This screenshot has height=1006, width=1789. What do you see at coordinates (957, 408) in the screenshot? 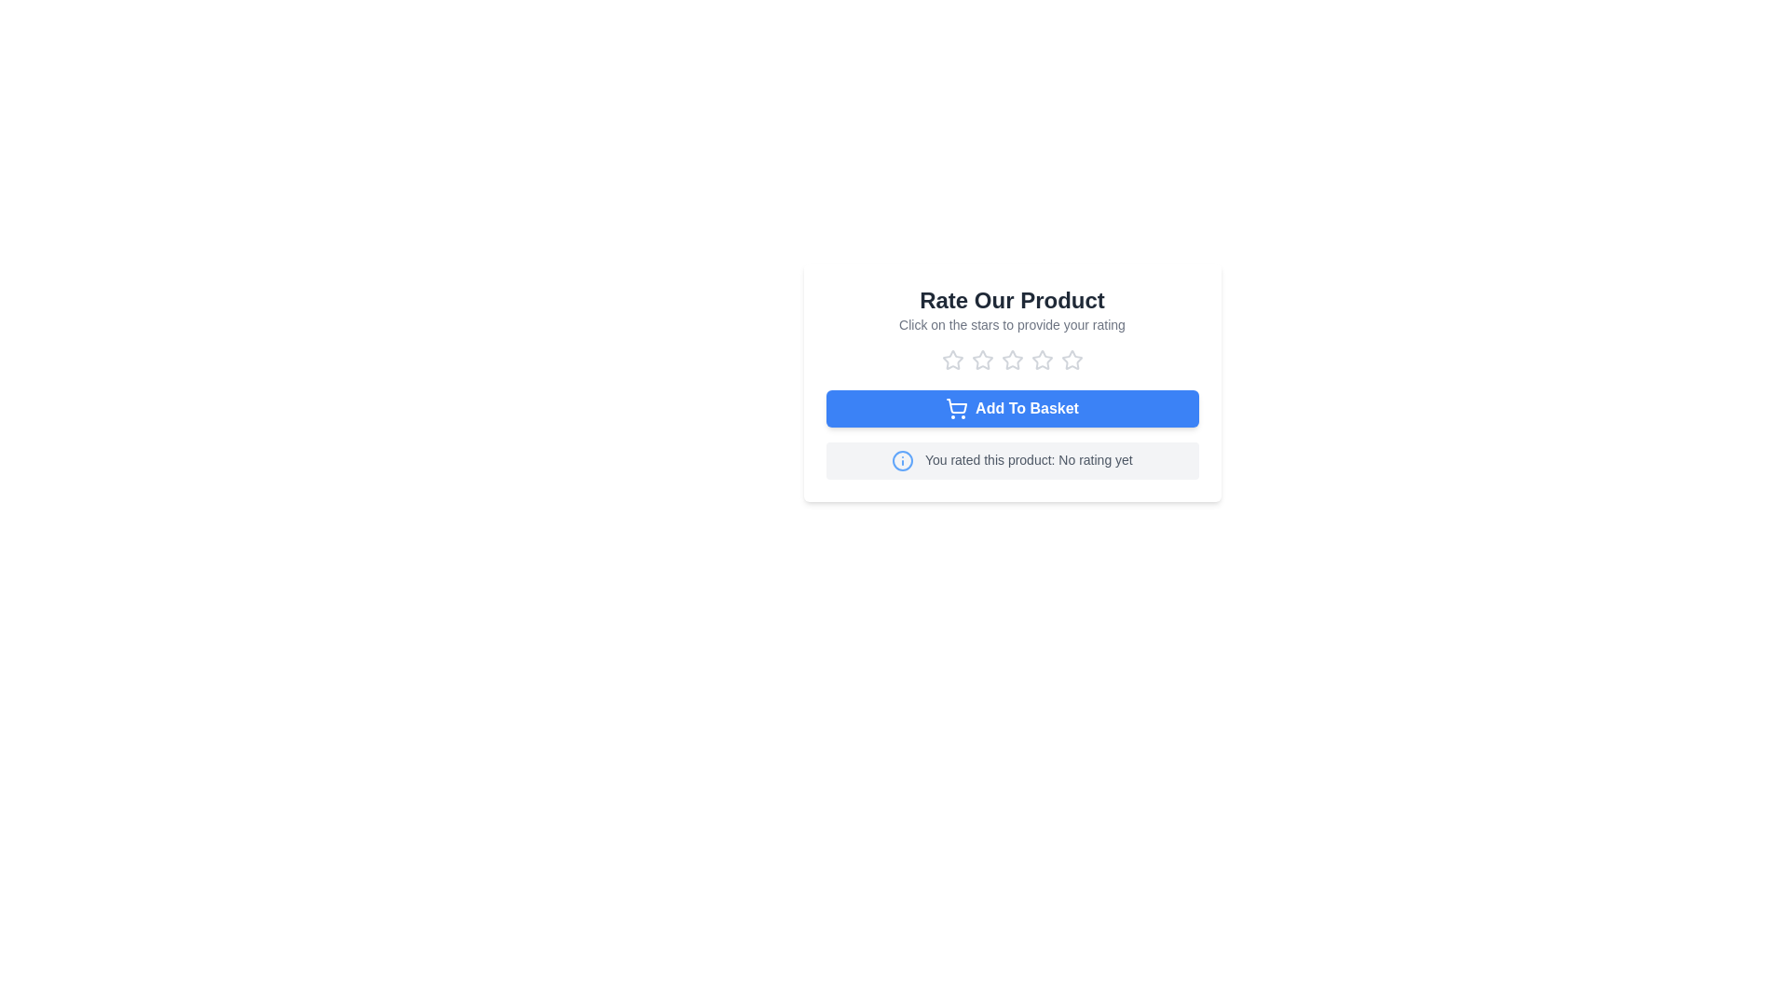
I see `the shopping cart icon located within the 'Add To Basket' button below the 'Rate Our Product' heading` at bounding box center [957, 408].